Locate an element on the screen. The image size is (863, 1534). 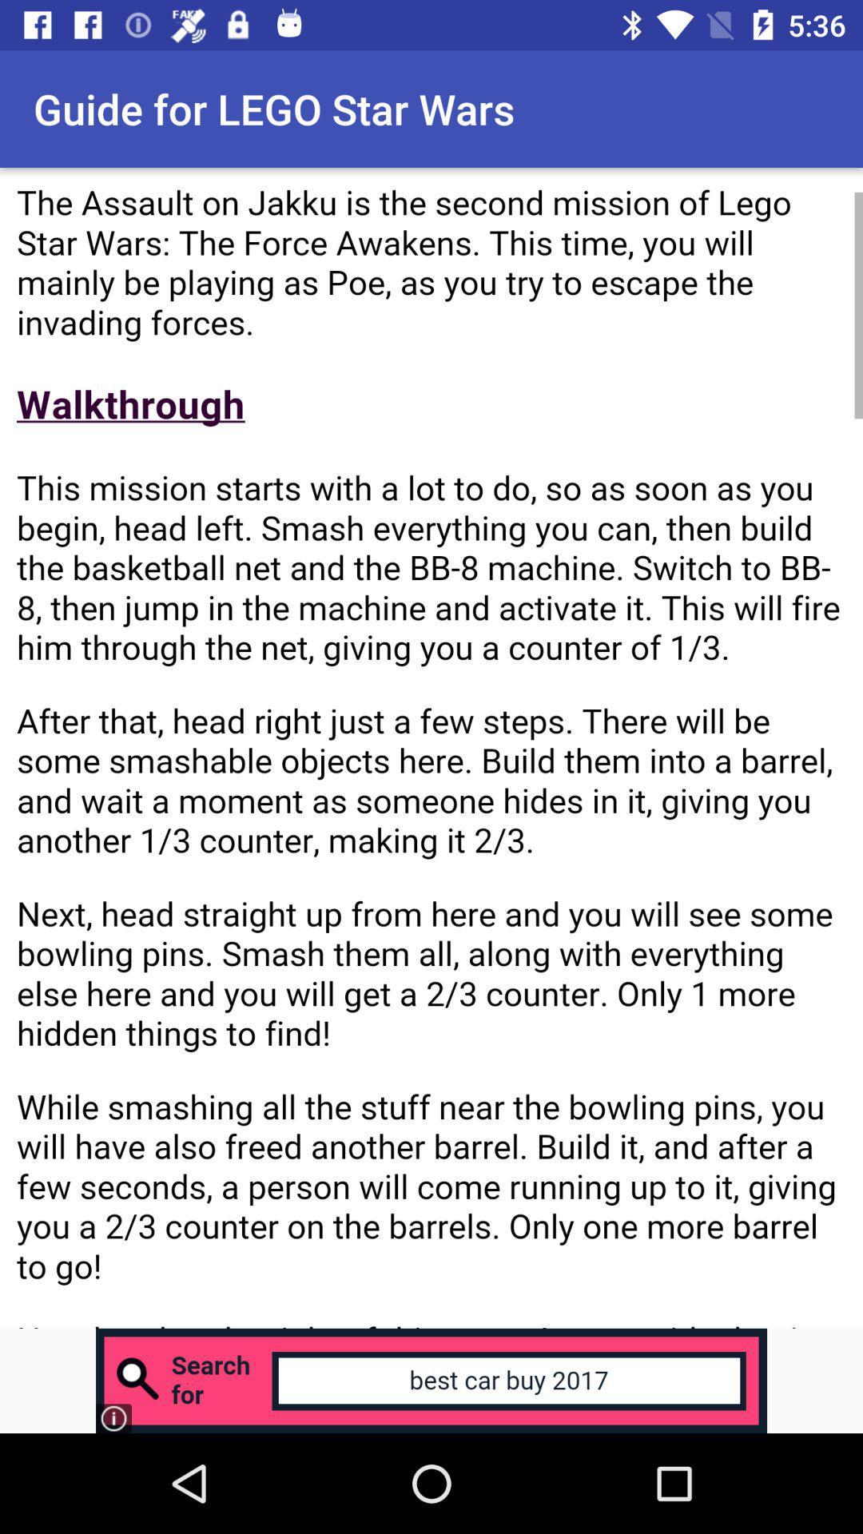
open advertisement is located at coordinates (431, 1380).